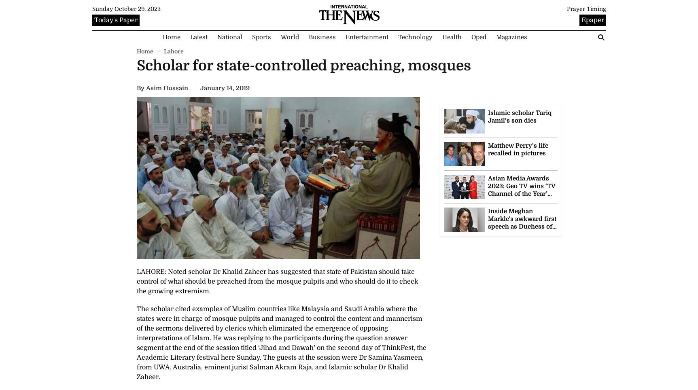 The height and width of the screenshot is (390, 698). I want to click on 'Technology', so click(415, 36).